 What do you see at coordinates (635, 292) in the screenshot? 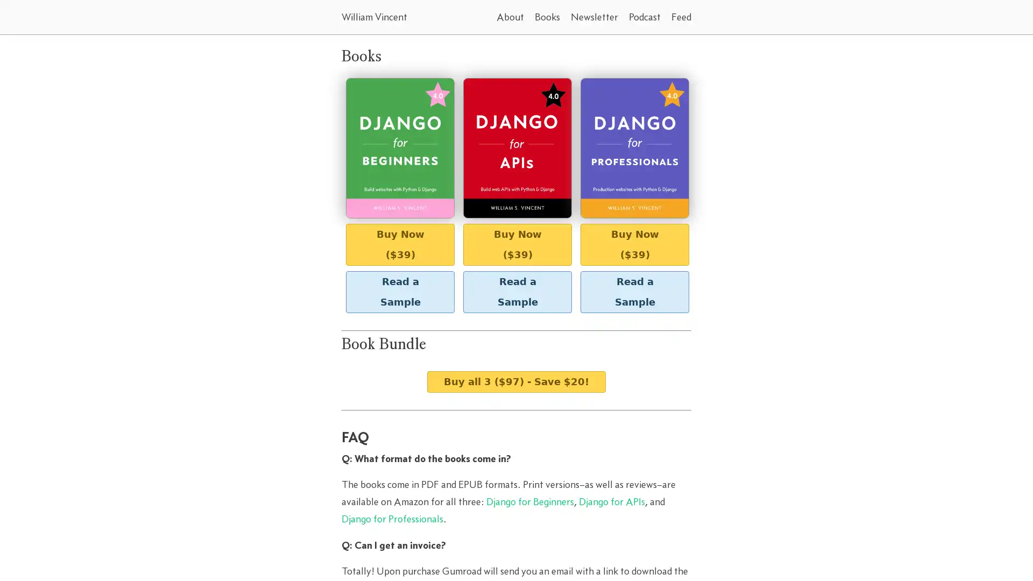
I see `Read a Sample` at bounding box center [635, 292].